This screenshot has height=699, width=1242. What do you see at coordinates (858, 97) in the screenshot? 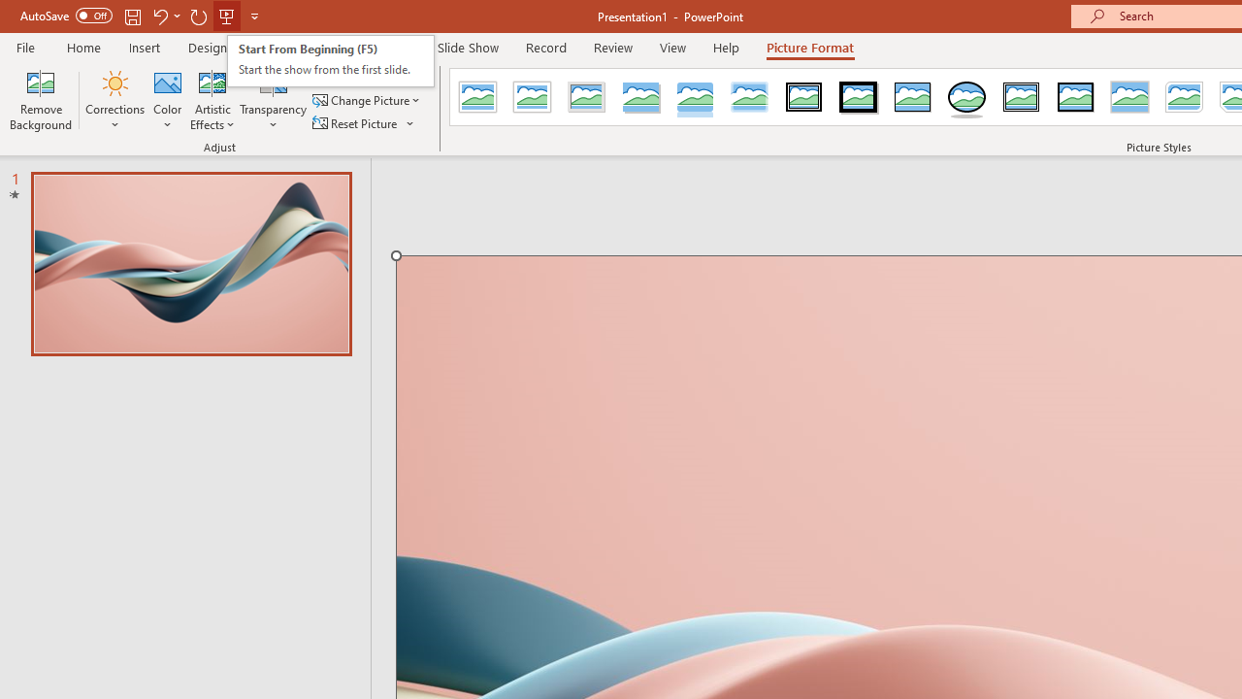
I see `'Thick Matte, Black'` at bounding box center [858, 97].